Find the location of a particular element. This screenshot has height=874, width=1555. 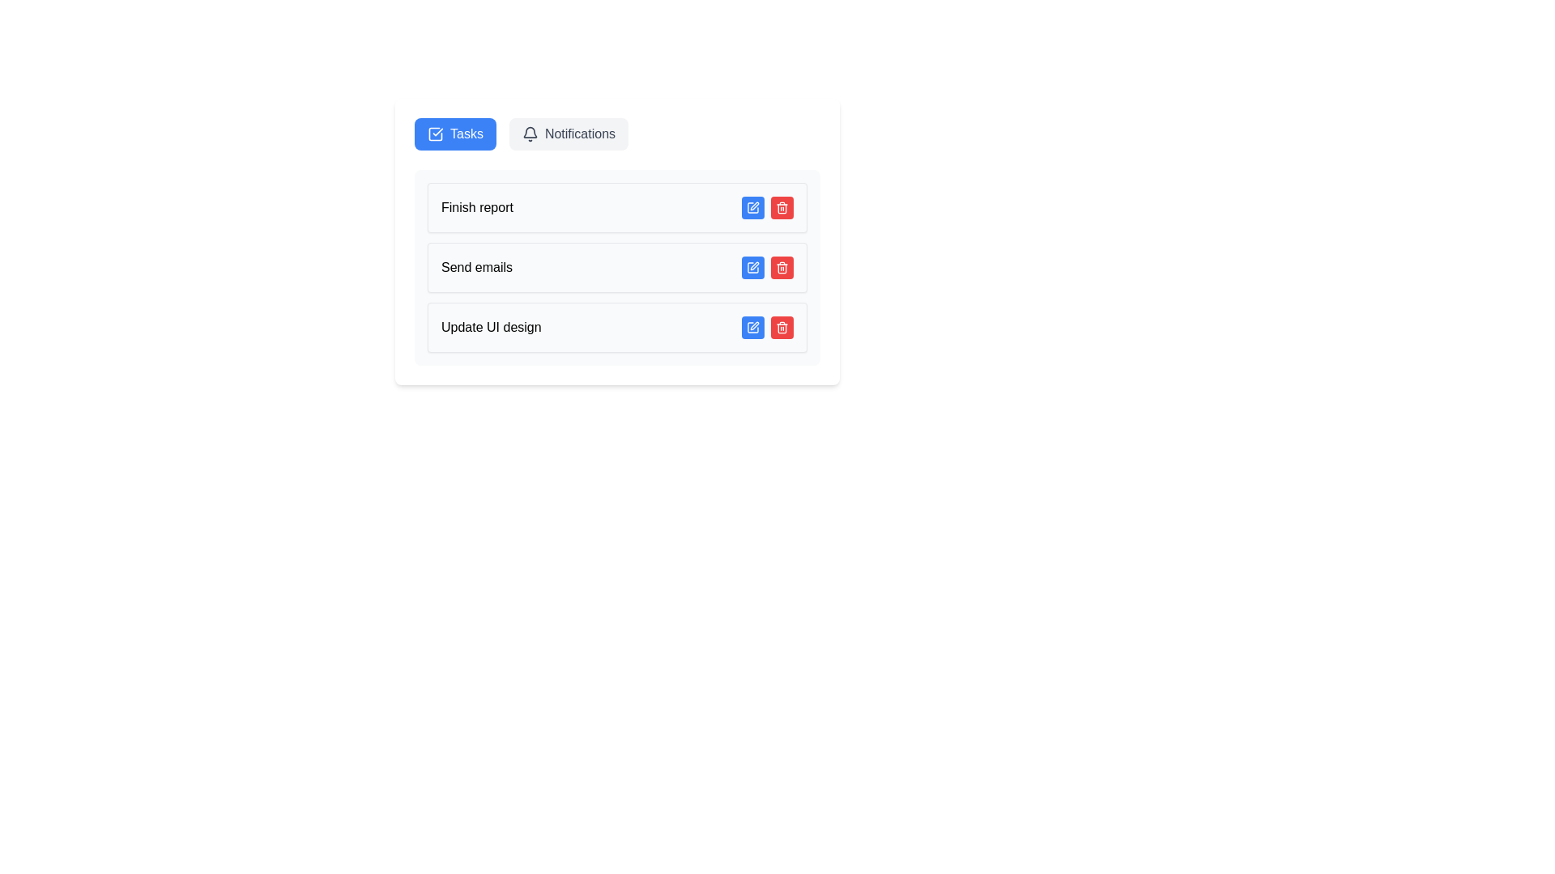

the 'Tasks' label within the rounded button is located at coordinates (466, 133).